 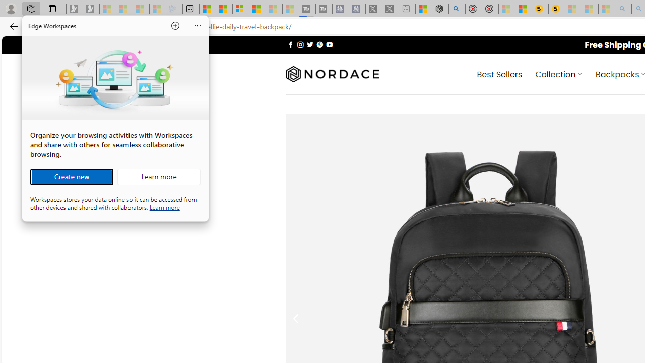 What do you see at coordinates (623, 9) in the screenshot?
I see `'amazon - Search - Sleeping'` at bounding box center [623, 9].